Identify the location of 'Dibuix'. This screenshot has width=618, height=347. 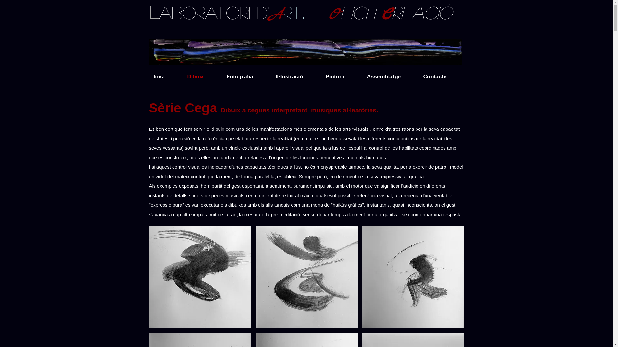
(201, 76).